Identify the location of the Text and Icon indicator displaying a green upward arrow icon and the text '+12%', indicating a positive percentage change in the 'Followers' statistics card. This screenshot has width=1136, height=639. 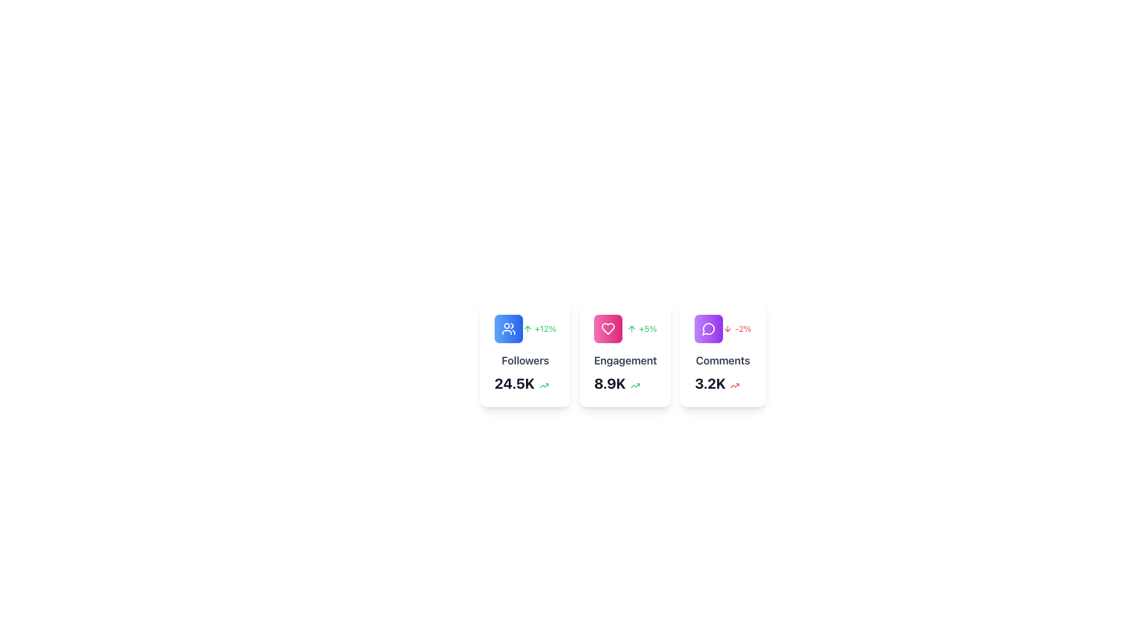
(525, 328).